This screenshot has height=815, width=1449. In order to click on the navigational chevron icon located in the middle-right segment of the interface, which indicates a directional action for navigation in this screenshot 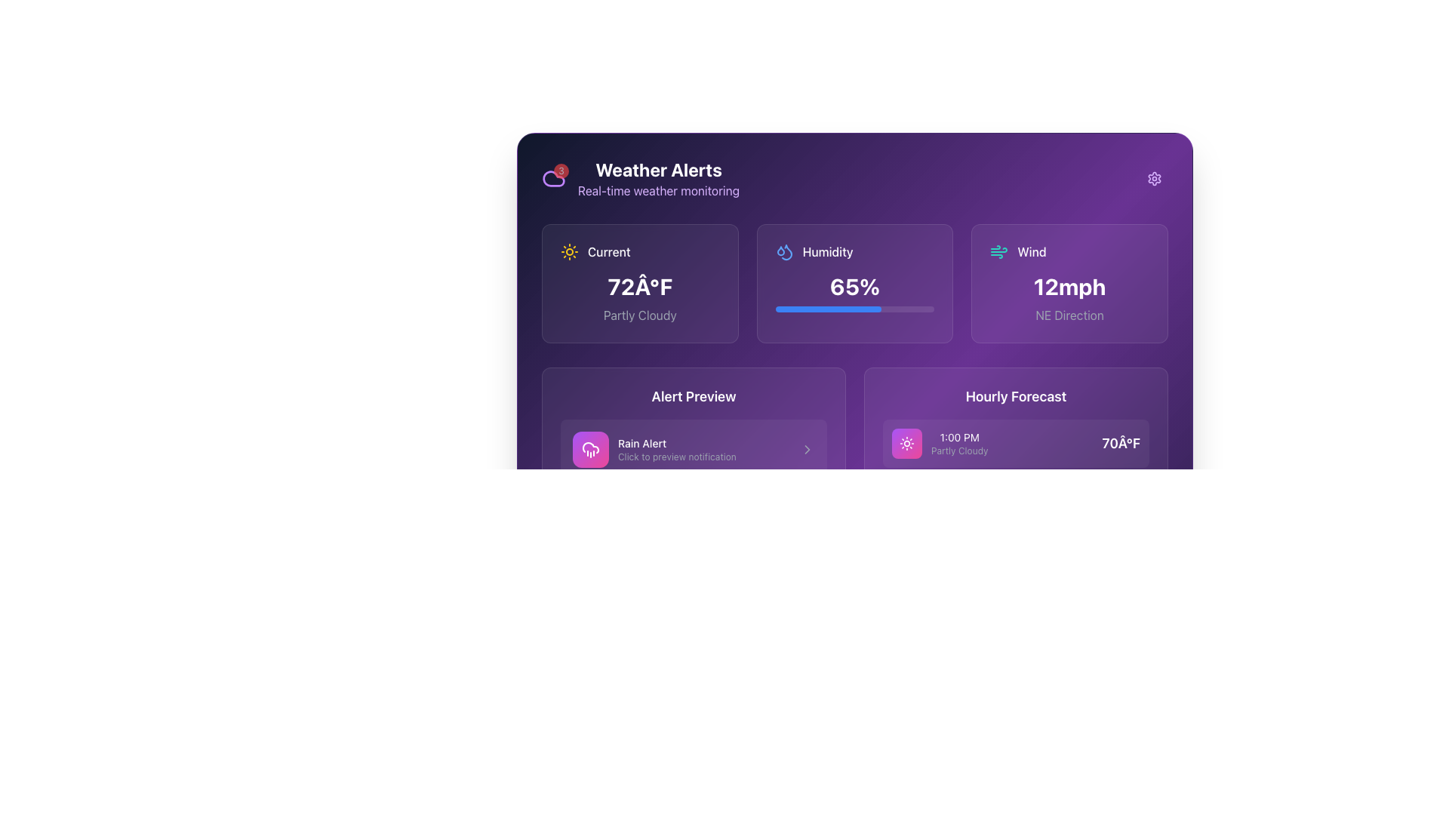, I will do `click(807, 449)`.